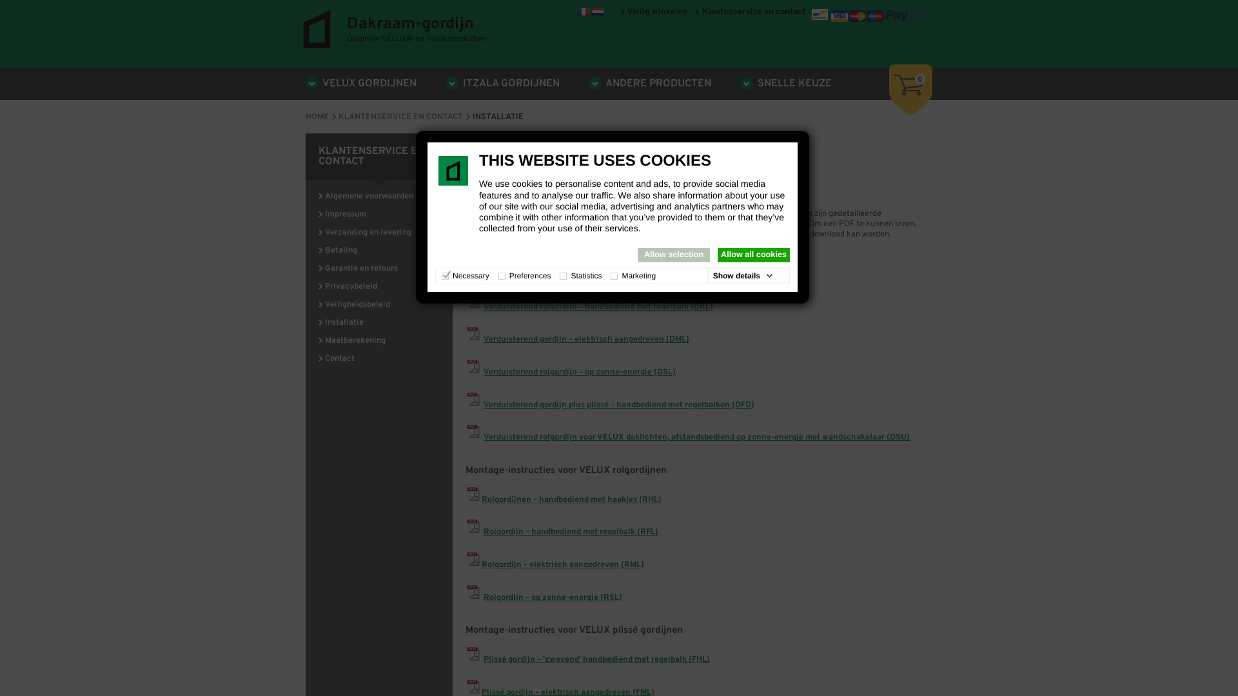 Image resolution: width=1238 pixels, height=696 pixels. What do you see at coordinates (351, 285) in the screenshot?
I see `'Privacybeleid'` at bounding box center [351, 285].